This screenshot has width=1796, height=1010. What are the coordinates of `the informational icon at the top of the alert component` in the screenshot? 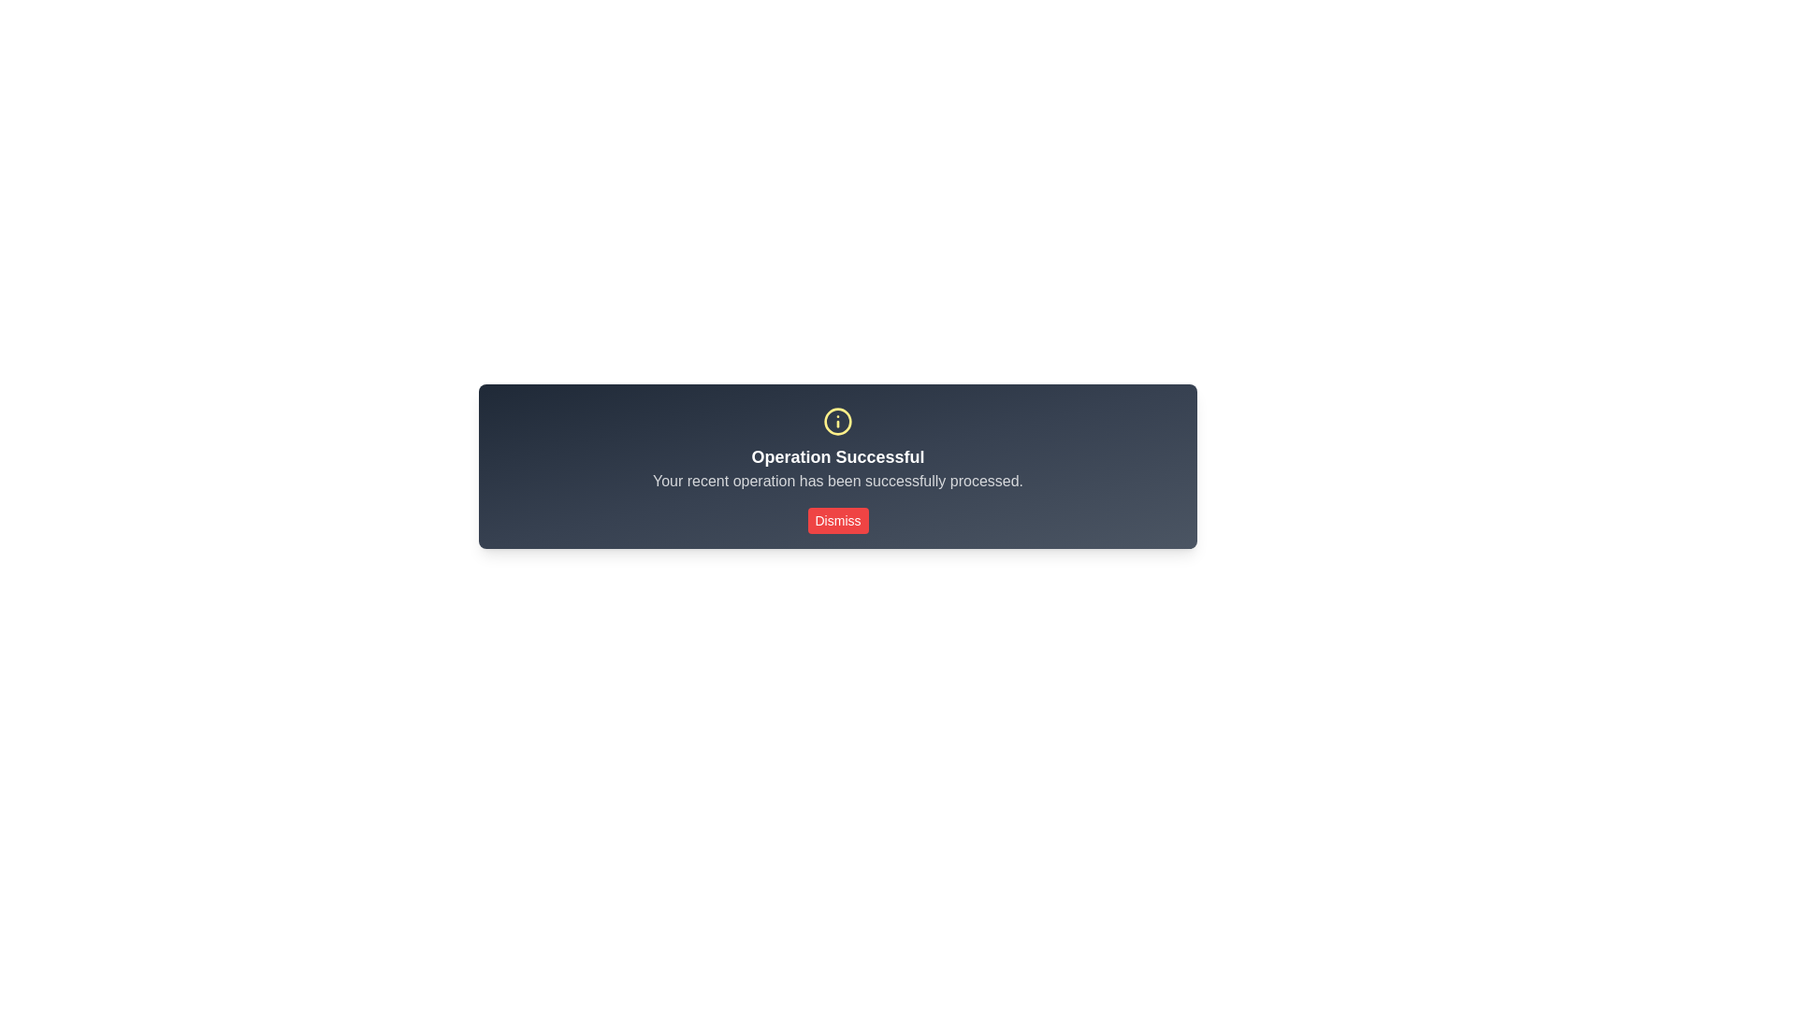 It's located at (837, 422).